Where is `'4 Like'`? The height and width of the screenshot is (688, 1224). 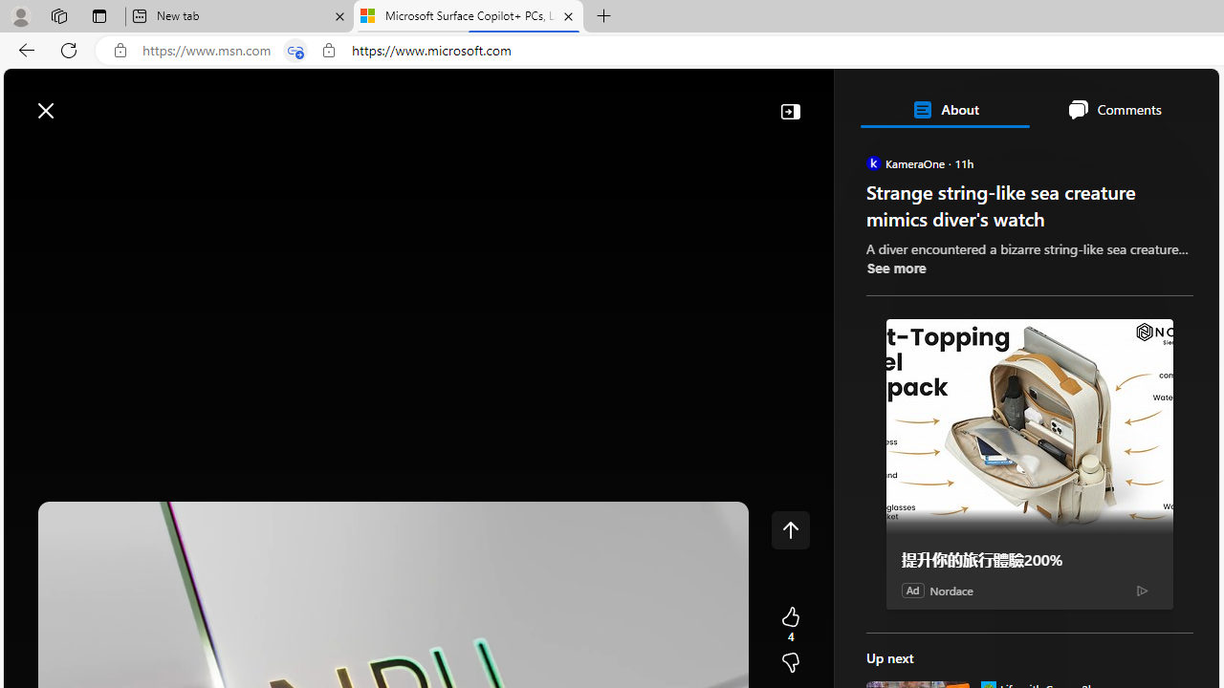
'4 Like' is located at coordinates (790, 625).